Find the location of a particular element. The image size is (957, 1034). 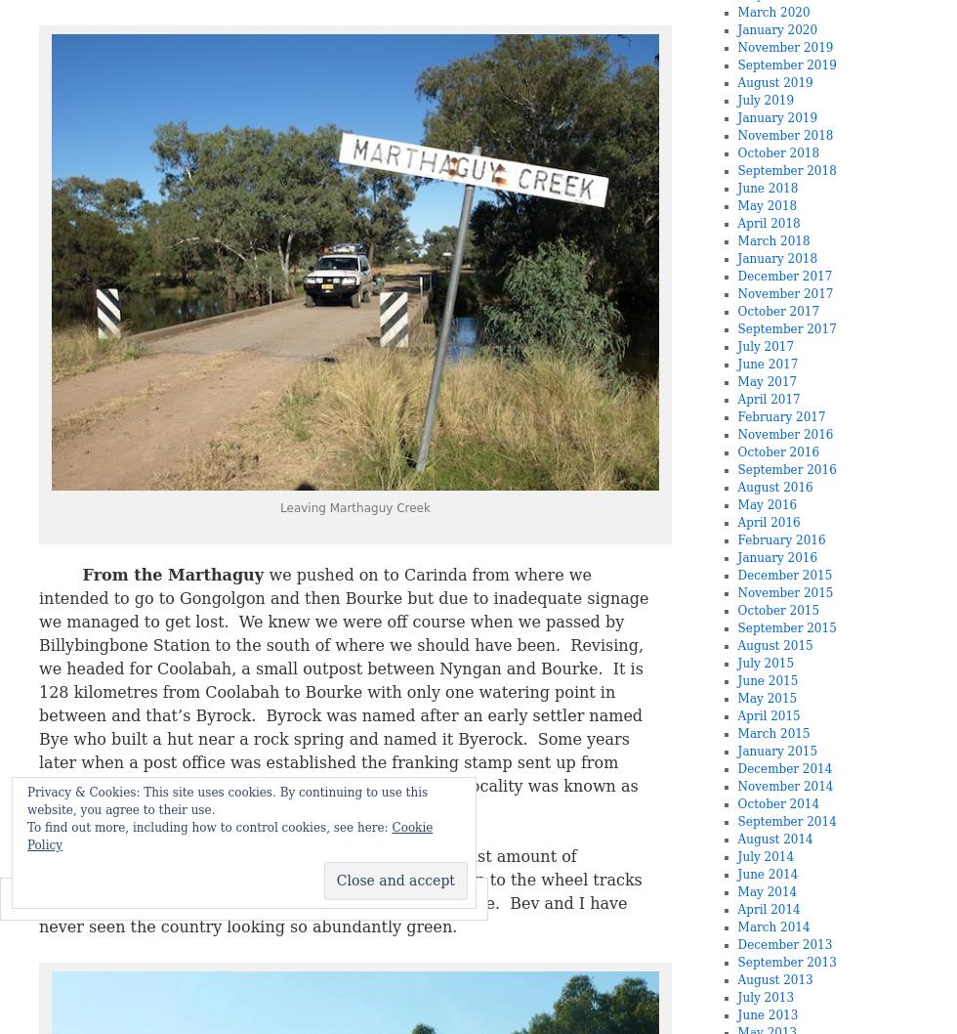

'November 2017' is located at coordinates (784, 293).